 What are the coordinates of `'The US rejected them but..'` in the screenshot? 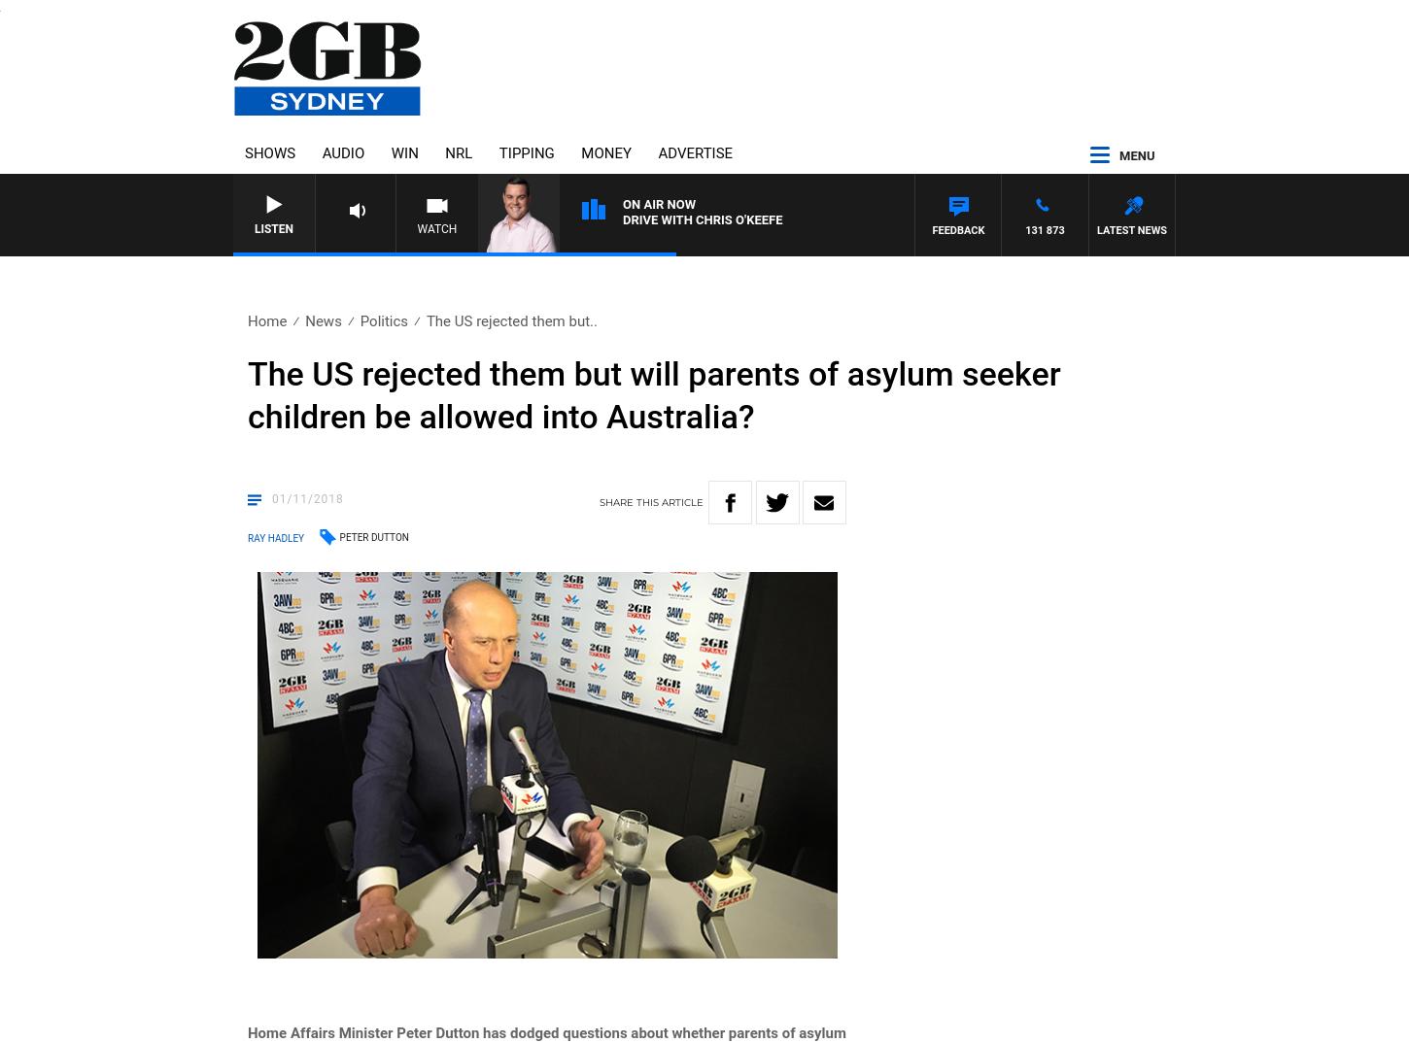 It's located at (511, 320).